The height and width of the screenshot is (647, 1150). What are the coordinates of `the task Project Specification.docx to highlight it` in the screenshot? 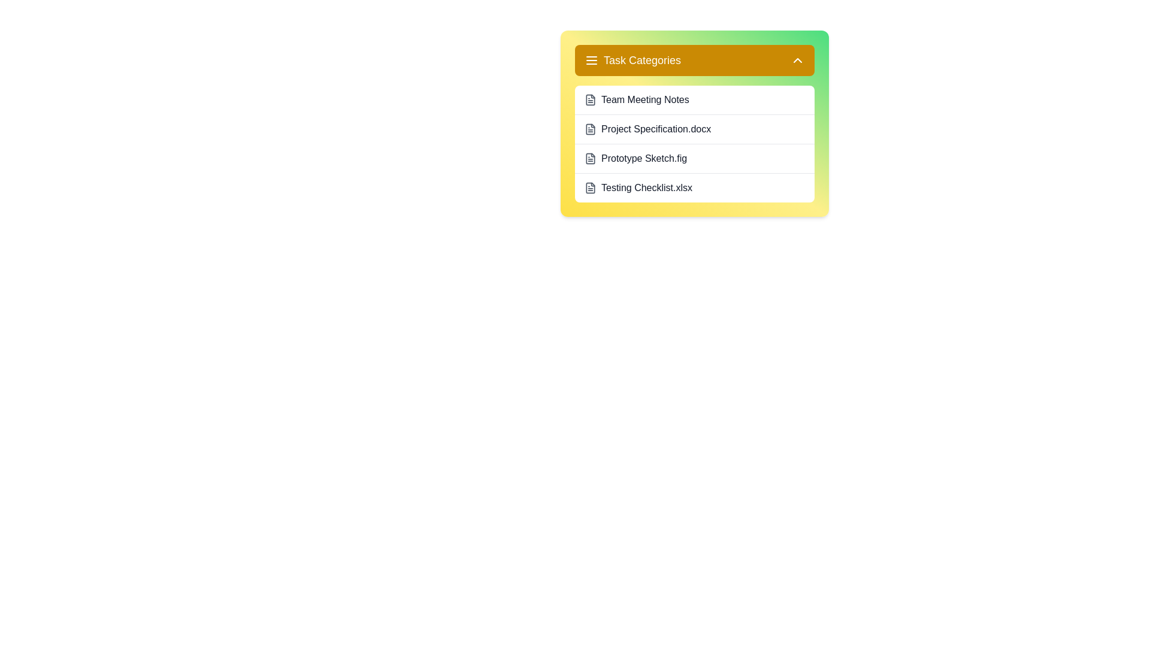 It's located at (695, 129).